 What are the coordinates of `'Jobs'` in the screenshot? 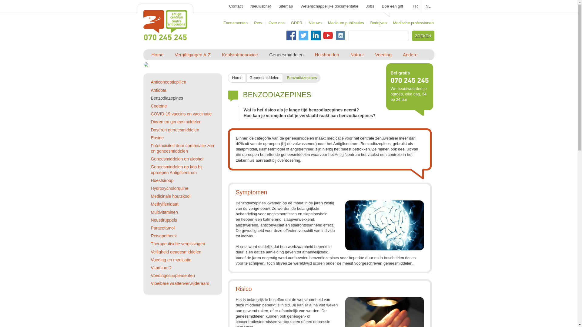 It's located at (365, 6).